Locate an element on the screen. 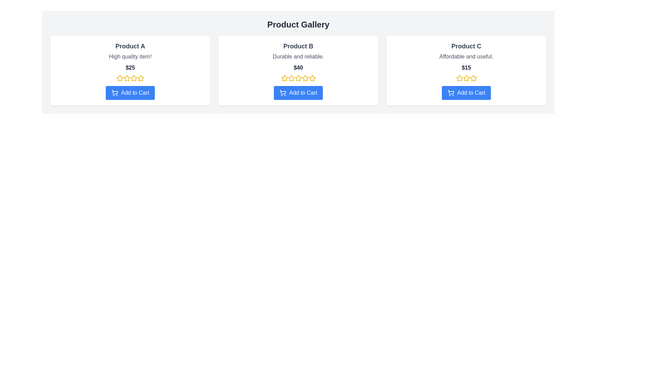  the third star-shaped icon with a yellow fill and distinct outline in the rating system under 'Product C' to rate it is located at coordinates (473, 78).